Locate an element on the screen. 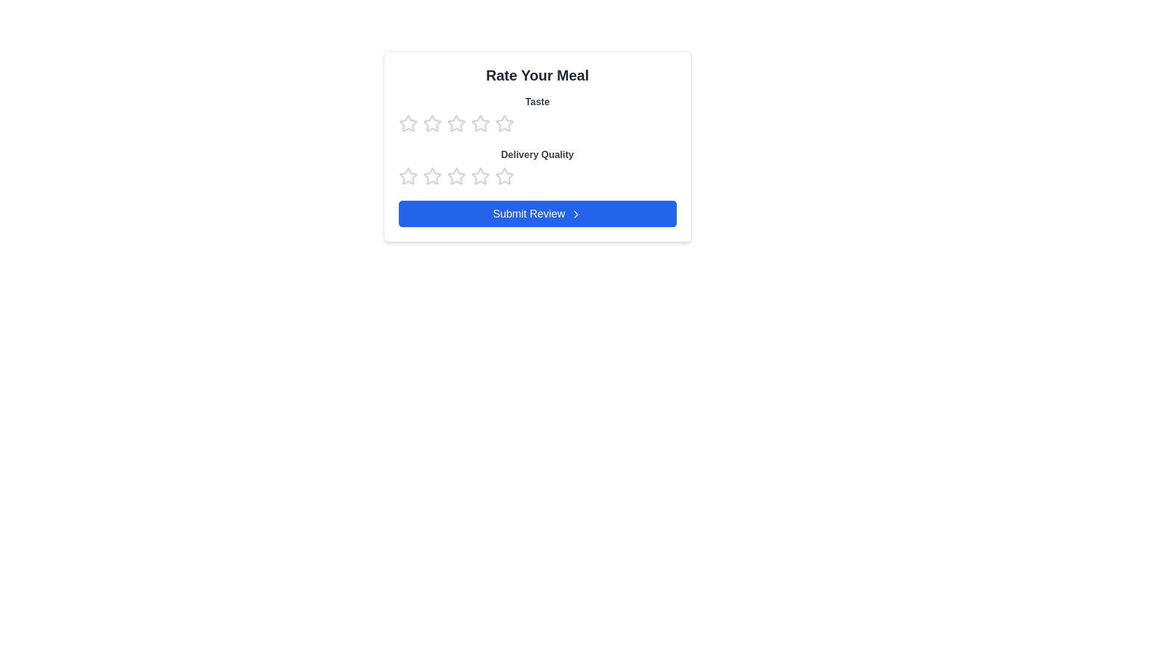 This screenshot has height=649, width=1155. the fourth star-shaped interactive icon under the 'Delivery Quality' label in the second row of the star rating system is located at coordinates (479, 176).